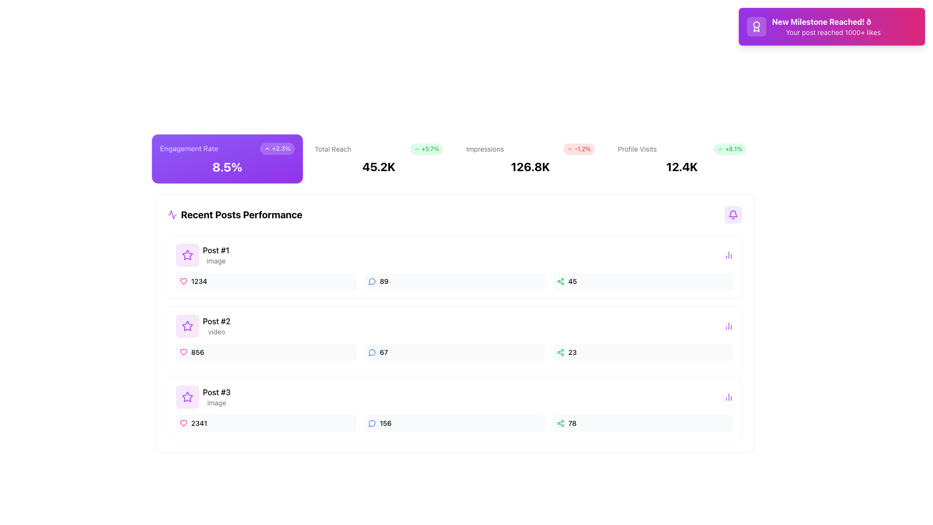  What do you see at coordinates (371, 281) in the screenshot?
I see `the comment icon located to the right of the 'Post #2' entry in the 'Recent Posts Performance' section, which serves as a visual indicator for comments` at bounding box center [371, 281].